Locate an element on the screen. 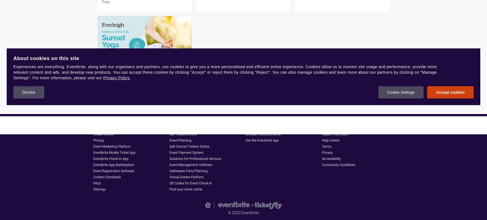 This screenshot has width=487, height=220. 'Community Guidelines' is located at coordinates (338, 165).